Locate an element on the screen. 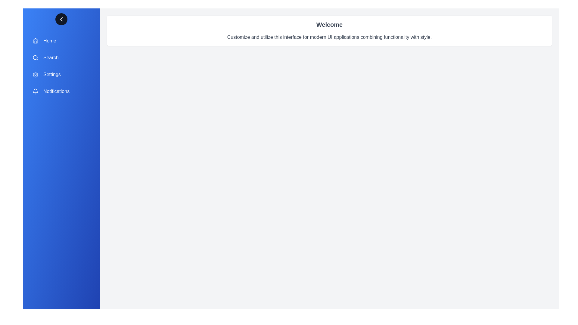 The width and height of the screenshot is (578, 325). the menu item labeled Home is located at coordinates (61, 41).